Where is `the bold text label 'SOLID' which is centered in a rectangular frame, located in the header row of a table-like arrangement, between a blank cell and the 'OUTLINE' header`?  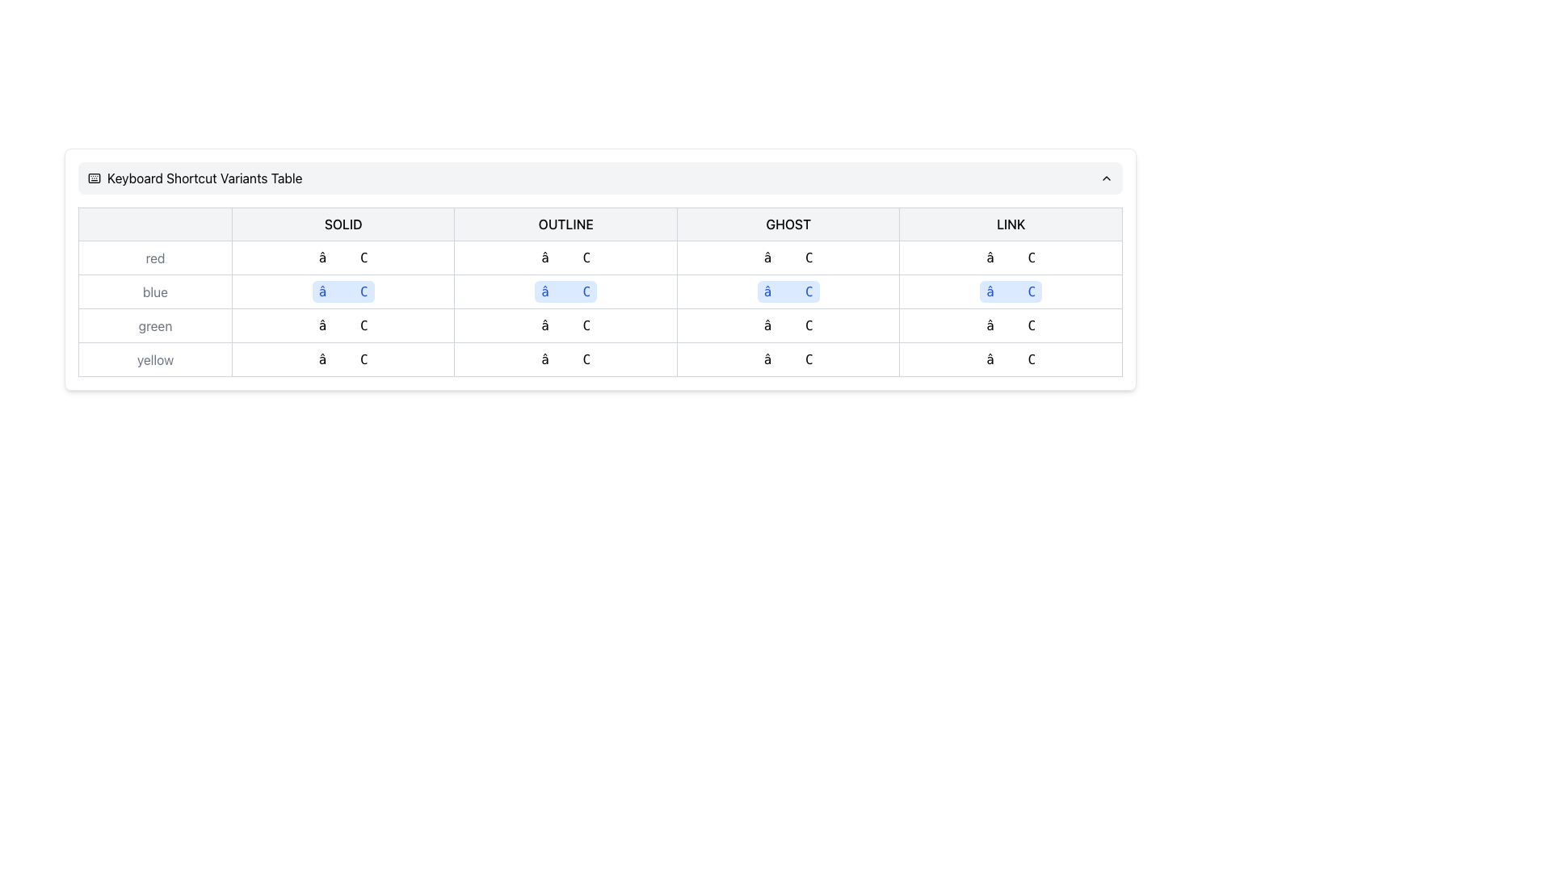 the bold text label 'SOLID' which is centered in a rectangular frame, located in the header row of a table-like arrangement, between a blank cell and the 'OUTLINE' header is located at coordinates (343, 224).